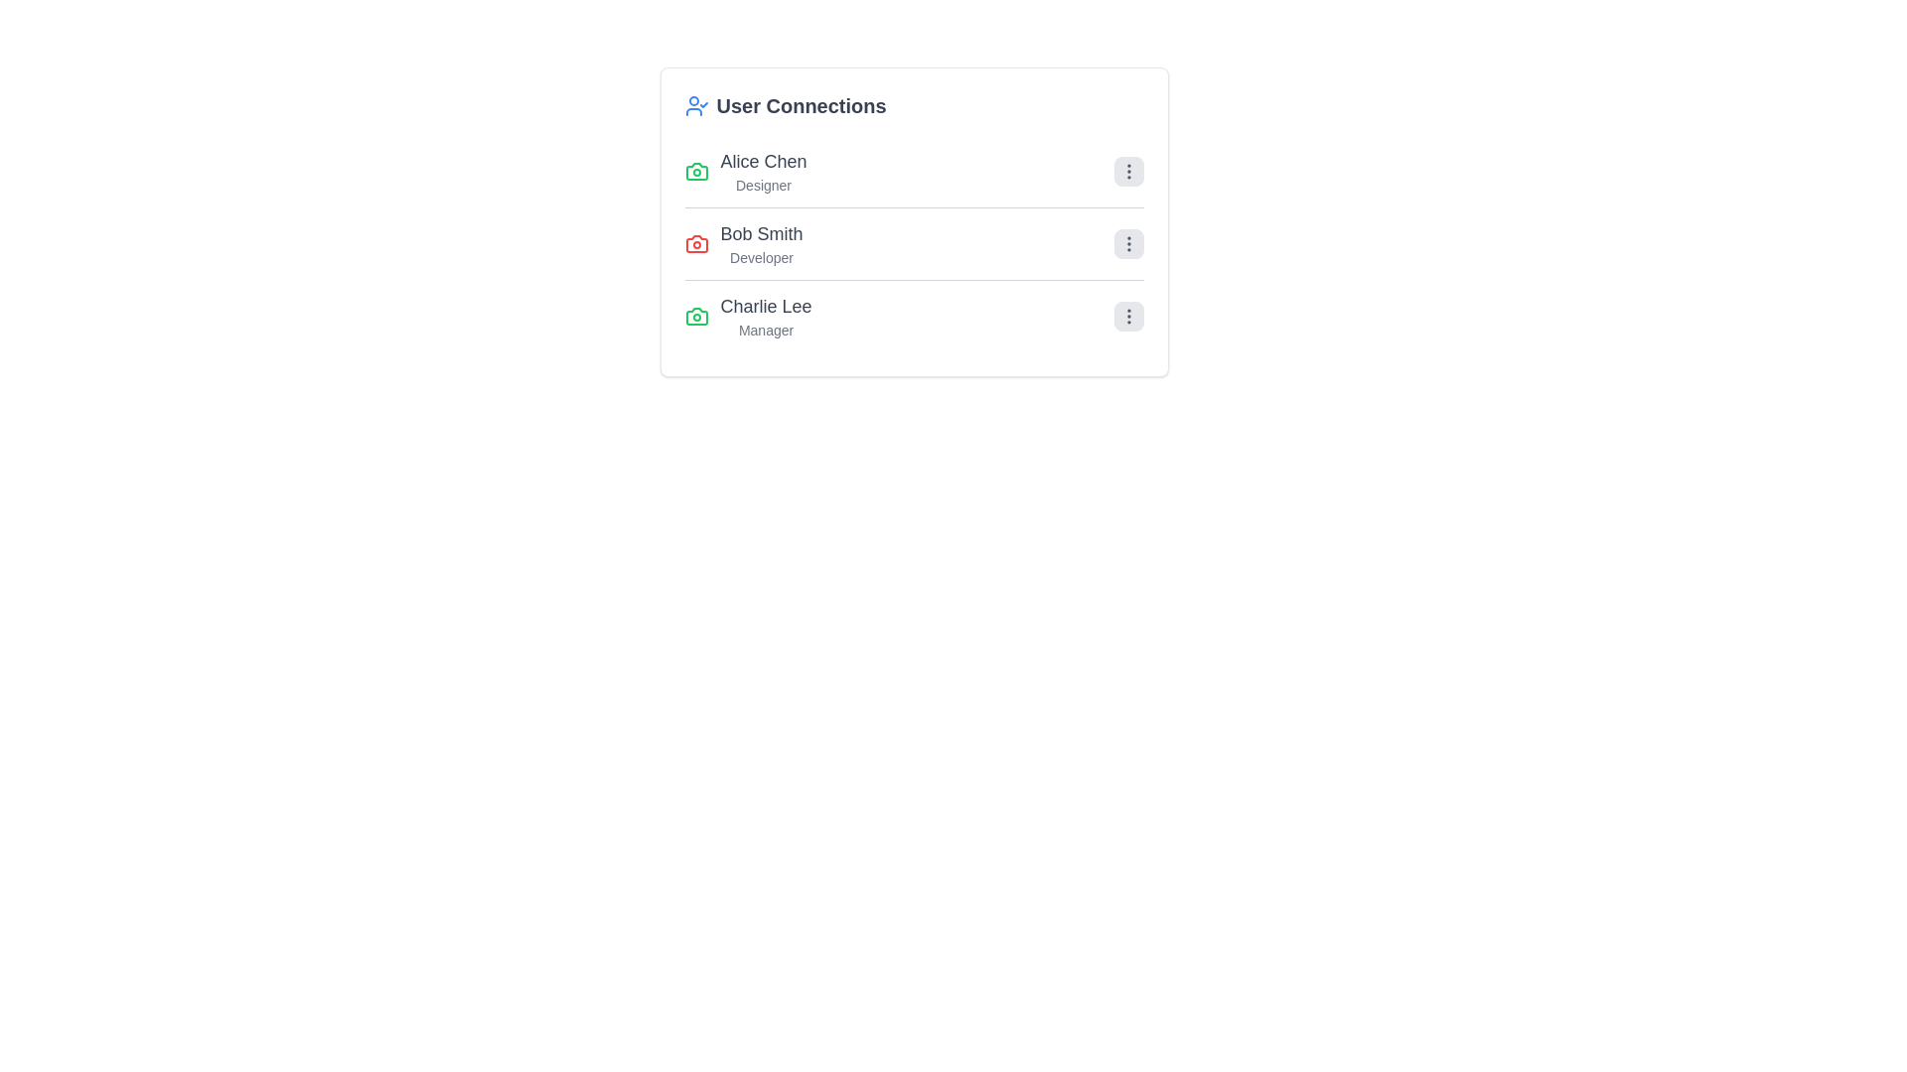 The image size is (1907, 1072). I want to click on the second entry in the 'User Connections' section that displays a user's profile summary, which includes their name and title, and is located below 'Alice Chen' and above 'Charlie Lee', so click(913, 243).